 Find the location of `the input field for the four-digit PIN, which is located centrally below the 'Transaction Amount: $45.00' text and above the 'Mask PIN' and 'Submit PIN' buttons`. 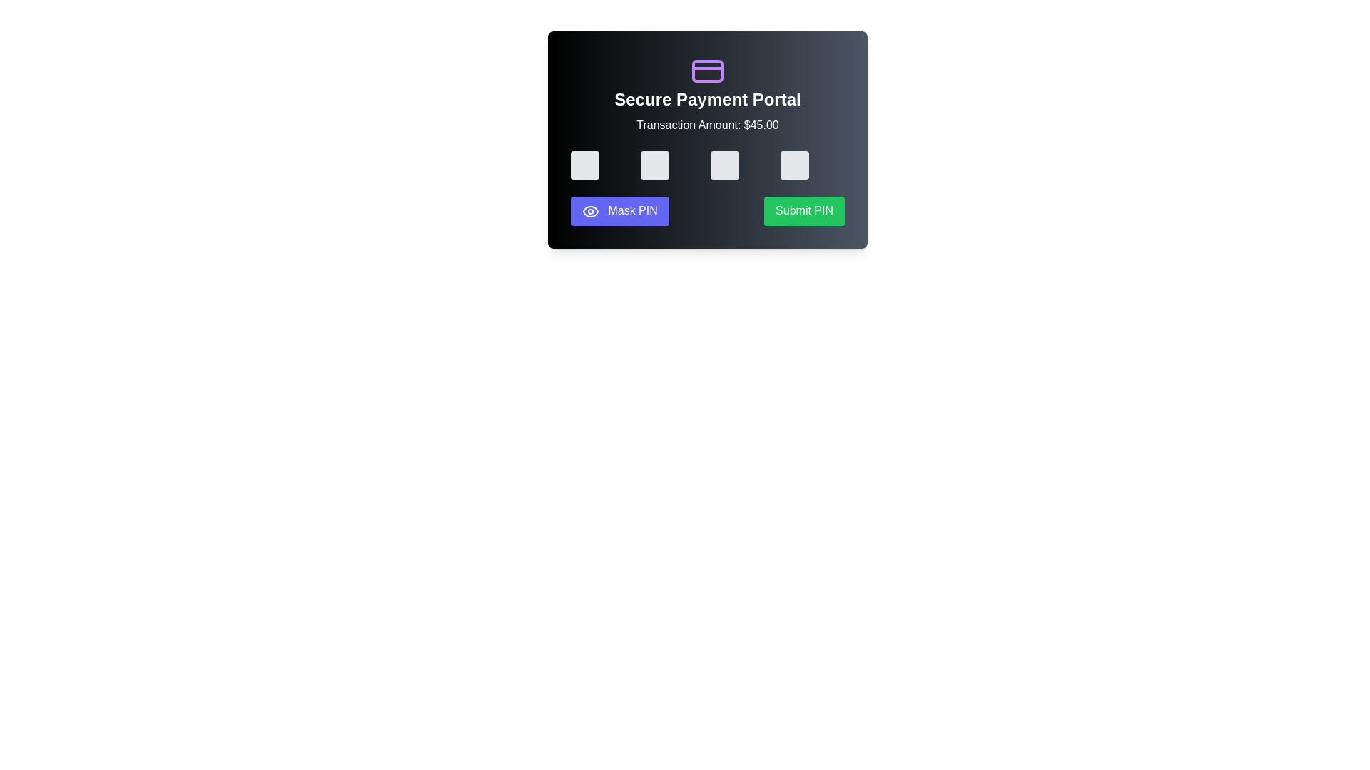

the input field for the four-digit PIN, which is located centrally below the 'Transaction Amount: $45.00' text and above the 'Mask PIN' and 'Submit PIN' buttons is located at coordinates (708, 164).